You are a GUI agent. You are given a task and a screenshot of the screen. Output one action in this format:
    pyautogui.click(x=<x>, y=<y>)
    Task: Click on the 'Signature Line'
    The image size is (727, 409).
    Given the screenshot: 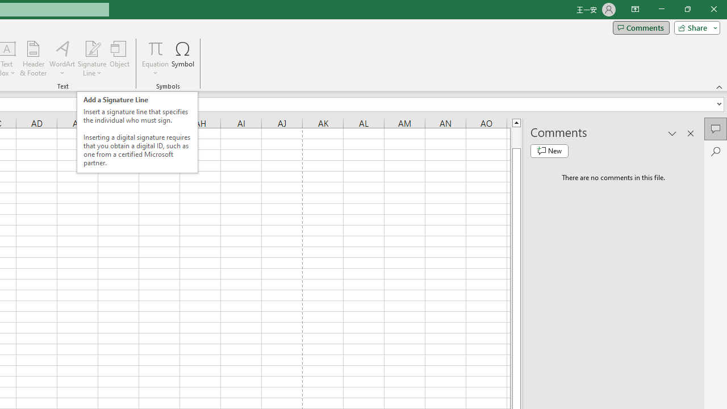 What is the action you would take?
    pyautogui.click(x=91, y=59)
    